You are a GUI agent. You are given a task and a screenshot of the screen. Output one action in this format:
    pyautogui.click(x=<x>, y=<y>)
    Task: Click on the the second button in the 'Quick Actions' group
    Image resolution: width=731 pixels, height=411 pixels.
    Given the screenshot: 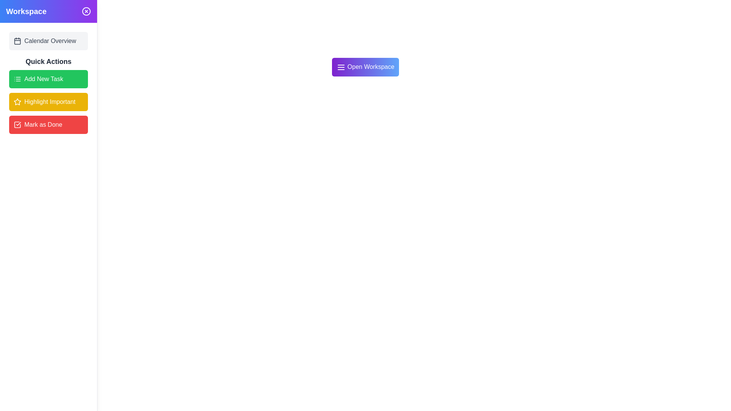 What is the action you would take?
    pyautogui.click(x=48, y=101)
    